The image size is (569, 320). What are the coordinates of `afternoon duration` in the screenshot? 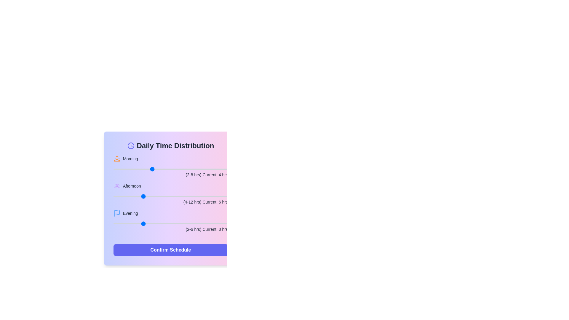 It's located at (114, 196).